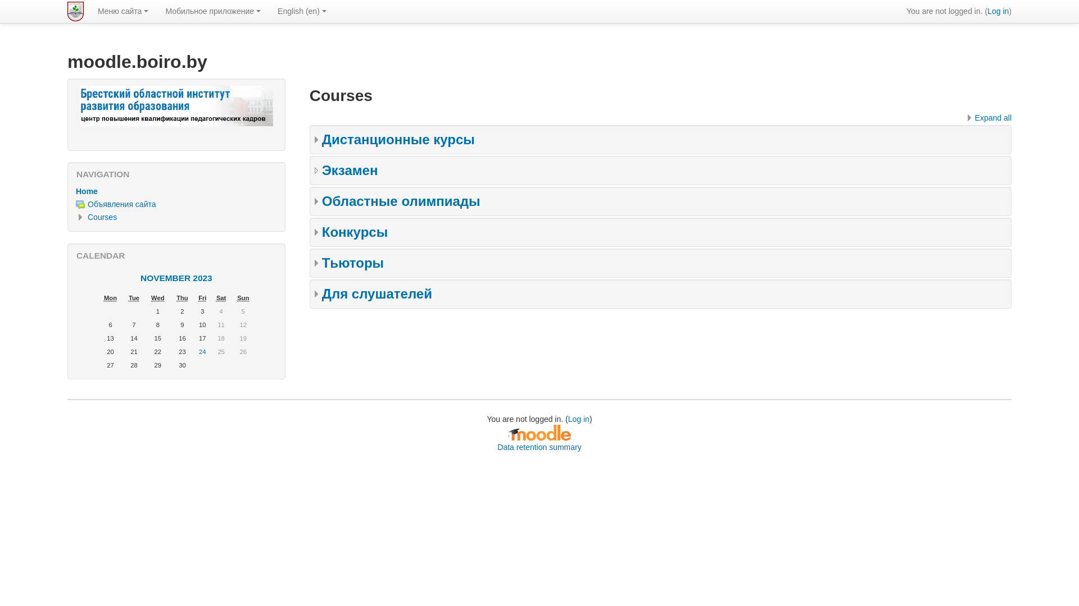  What do you see at coordinates (202, 351) in the screenshot?
I see `'24'` at bounding box center [202, 351].